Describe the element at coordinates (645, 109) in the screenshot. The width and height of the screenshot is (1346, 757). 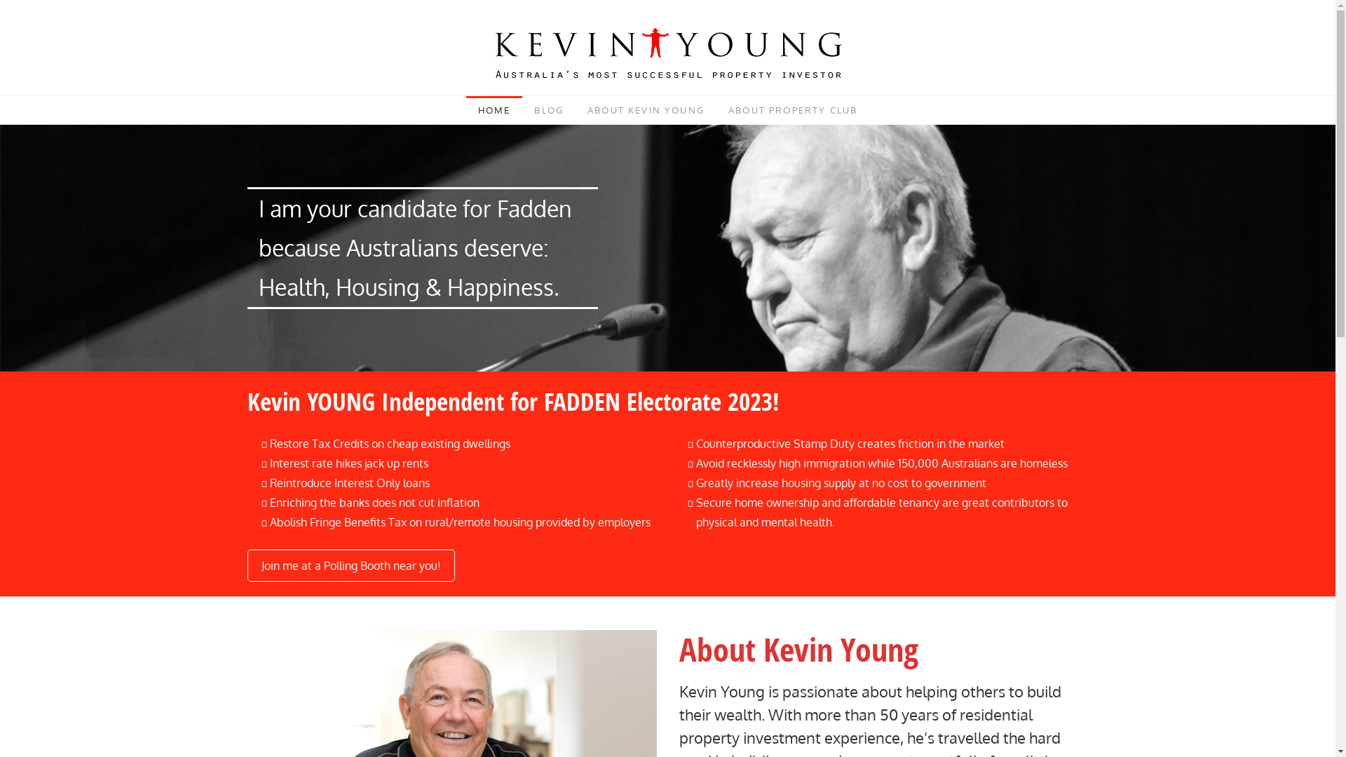
I see `'ABOUT KEVIN YOUNG'` at that location.